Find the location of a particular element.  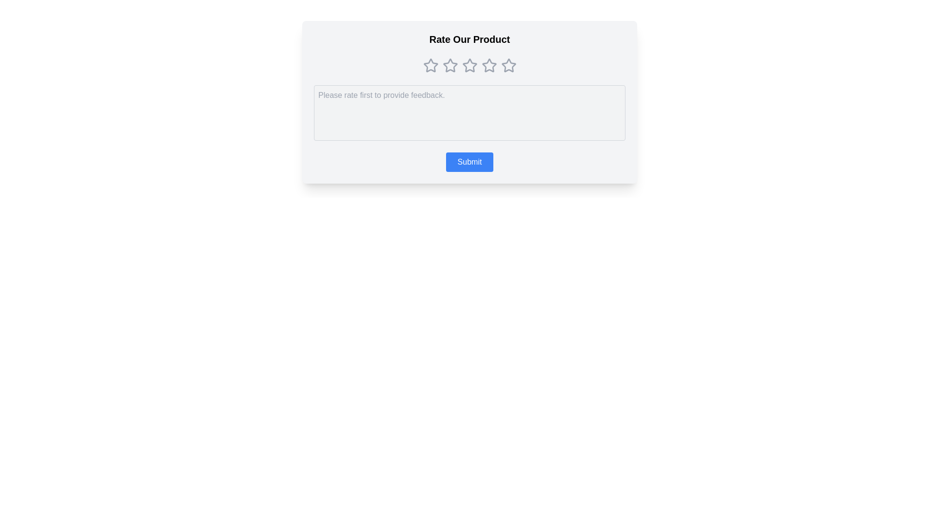

the second outlined star SVG icon is located at coordinates (449, 65).